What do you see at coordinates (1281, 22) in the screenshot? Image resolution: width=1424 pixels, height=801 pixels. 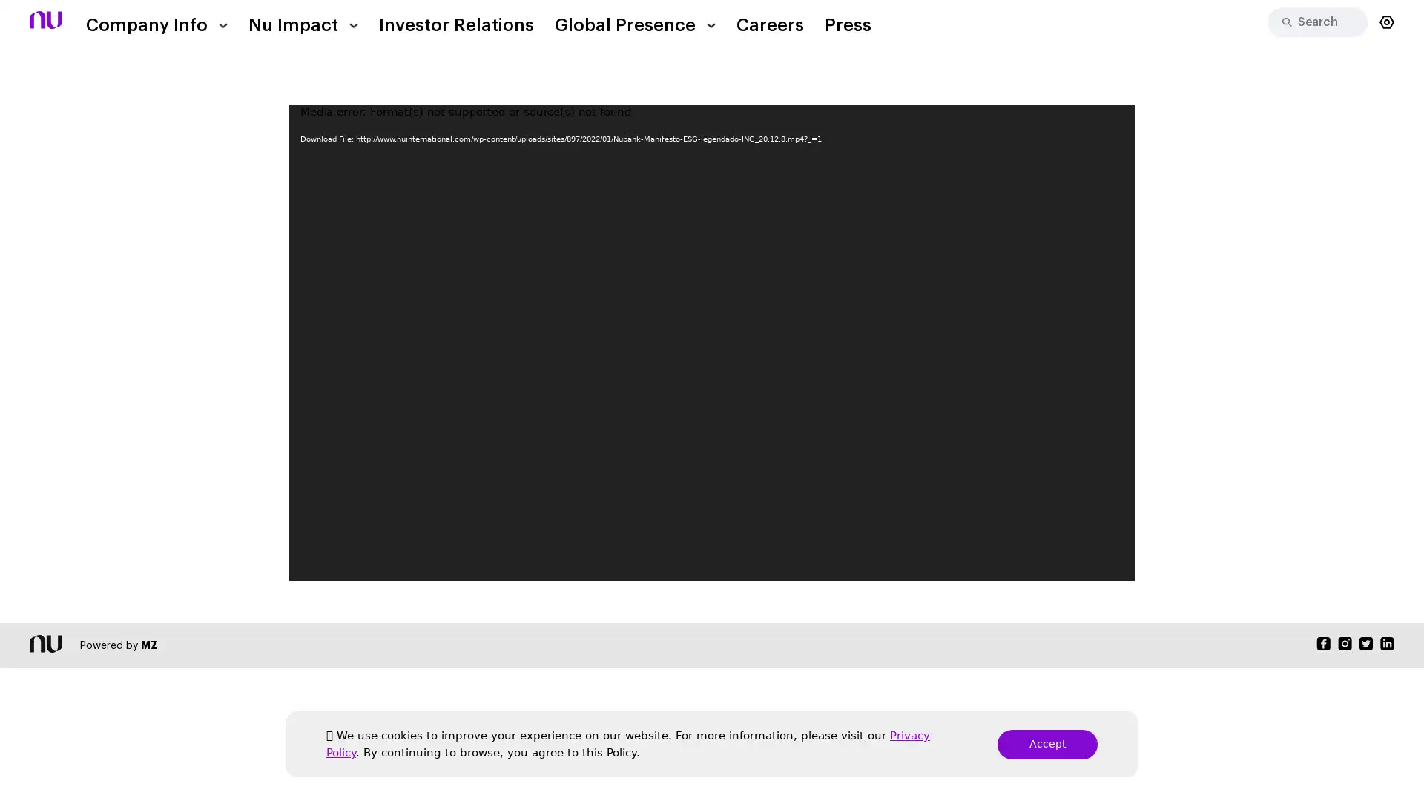 I see `Search` at bounding box center [1281, 22].